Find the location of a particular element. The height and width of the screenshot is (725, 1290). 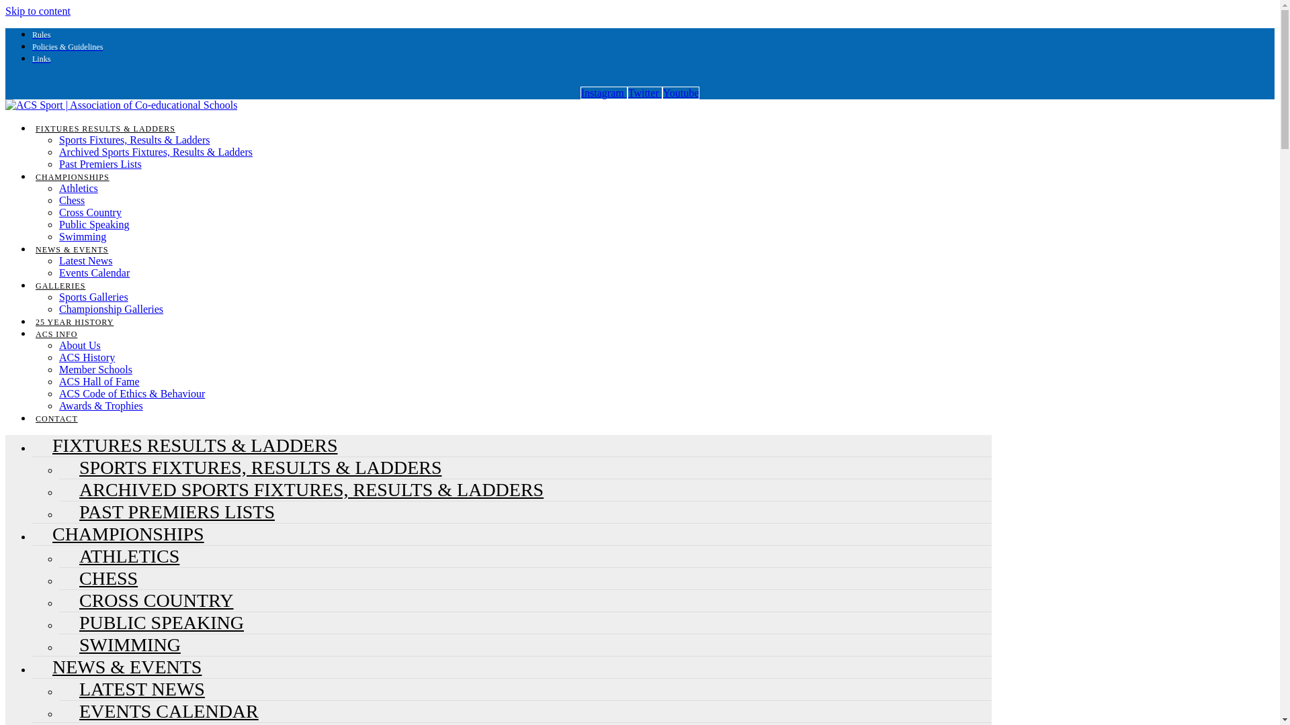

'Championship Galleries' is located at coordinates (58, 309).